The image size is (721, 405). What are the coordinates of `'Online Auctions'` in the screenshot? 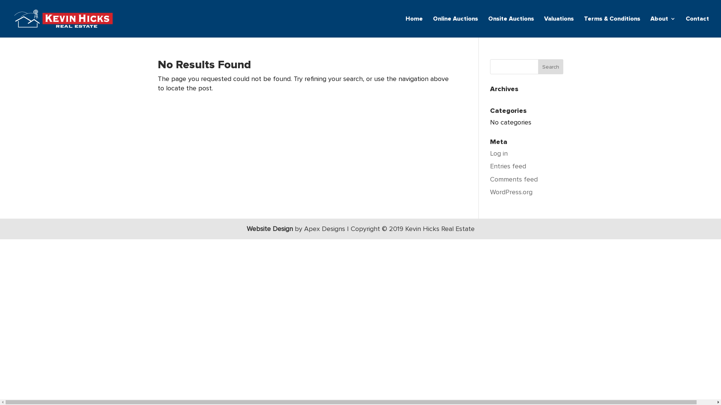 It's located at (455, 26).